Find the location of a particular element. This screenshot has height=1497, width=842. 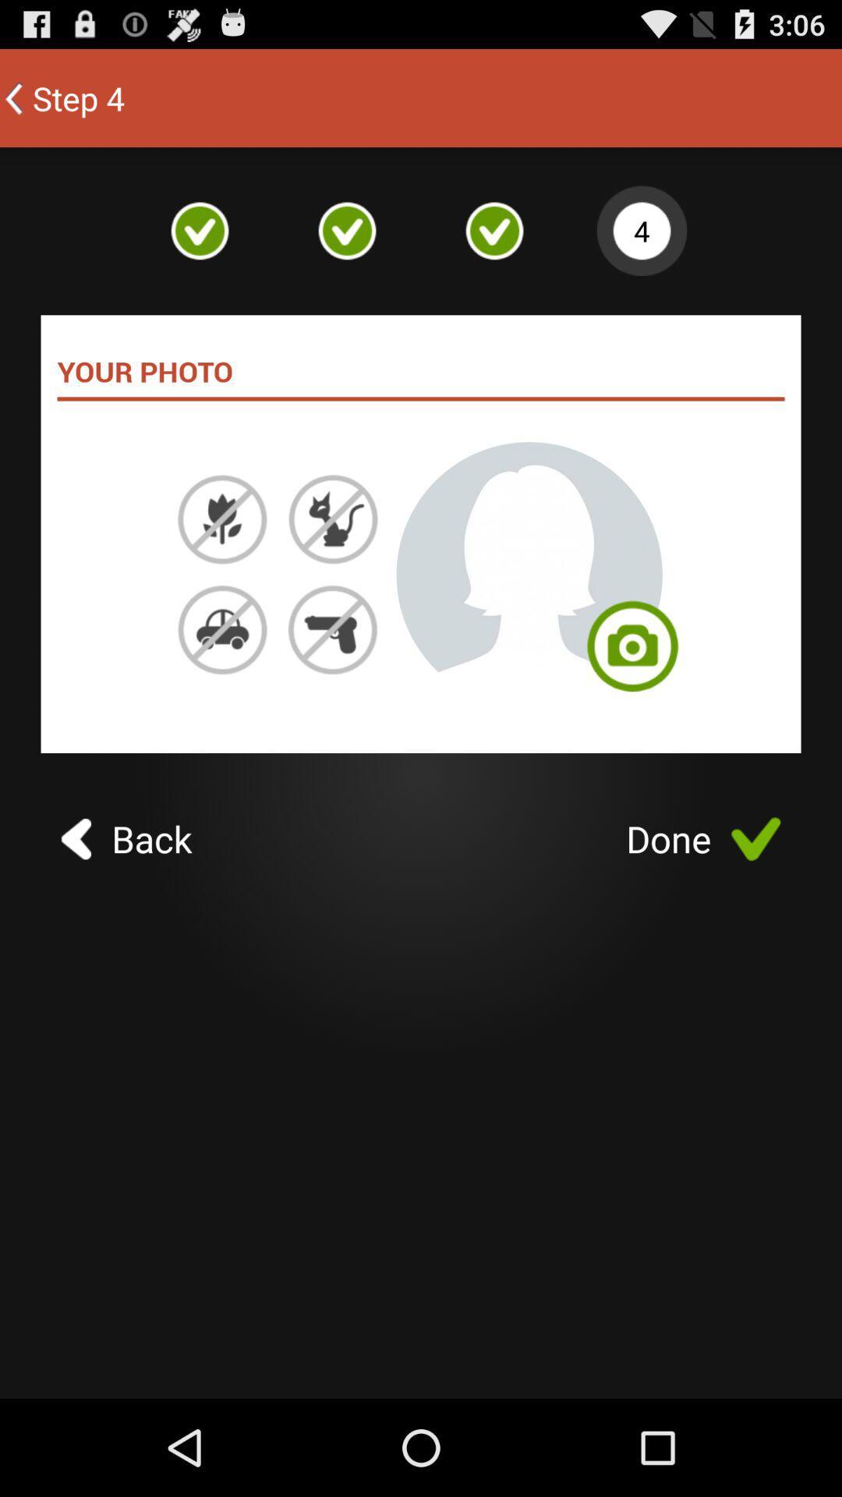

a button back which is on the left side of the page is located at coordinates (126, 837).